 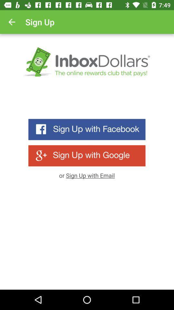 What do you see at coordinates (87, 129) in the screenshot?
I see `sign up with facebook account` at bounding box center [87, 129].